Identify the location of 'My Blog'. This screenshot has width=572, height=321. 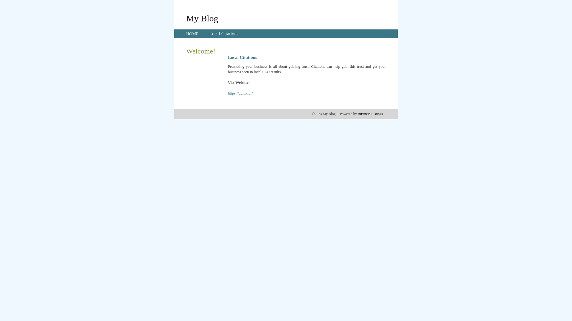
(202, 18).